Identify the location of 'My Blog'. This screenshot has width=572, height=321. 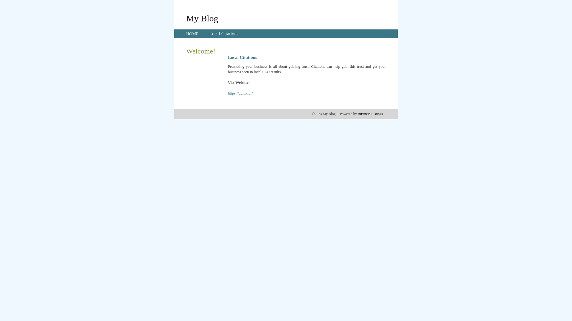
(202, 18).